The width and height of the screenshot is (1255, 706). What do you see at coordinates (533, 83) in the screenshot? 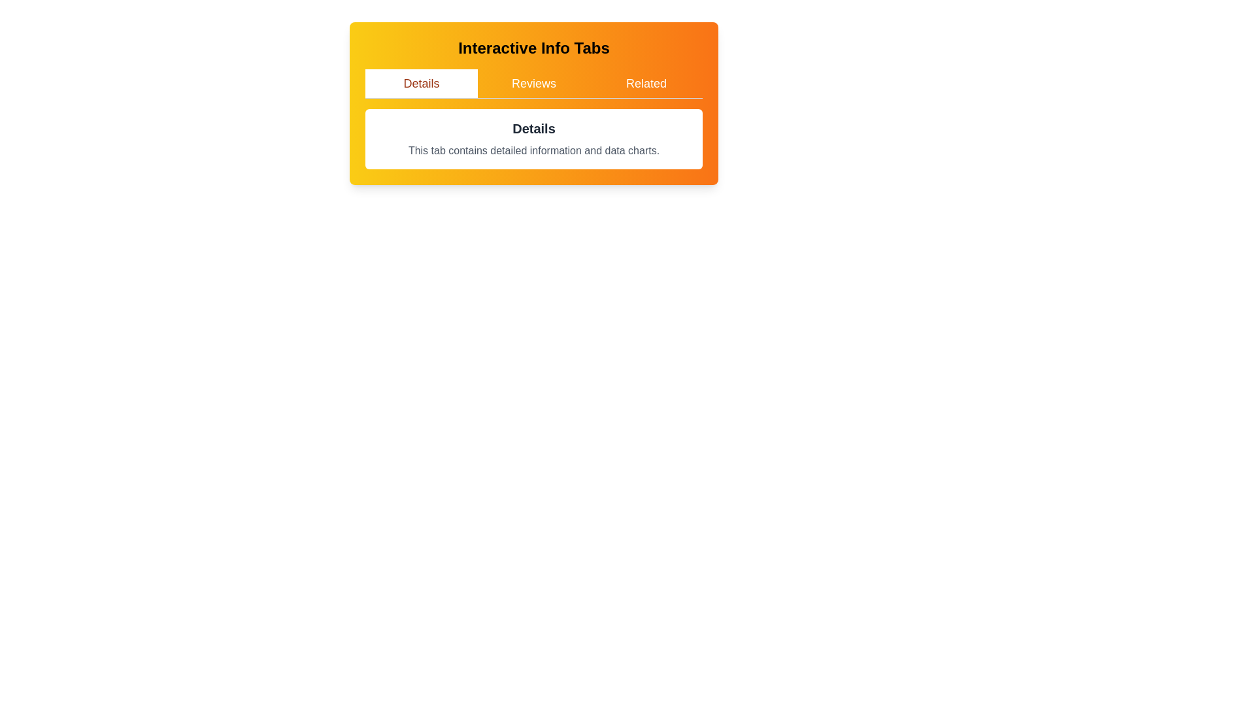
I see `the tab labeled 'Reviews' to observe its hover effect` at bounding box center [533, 83].